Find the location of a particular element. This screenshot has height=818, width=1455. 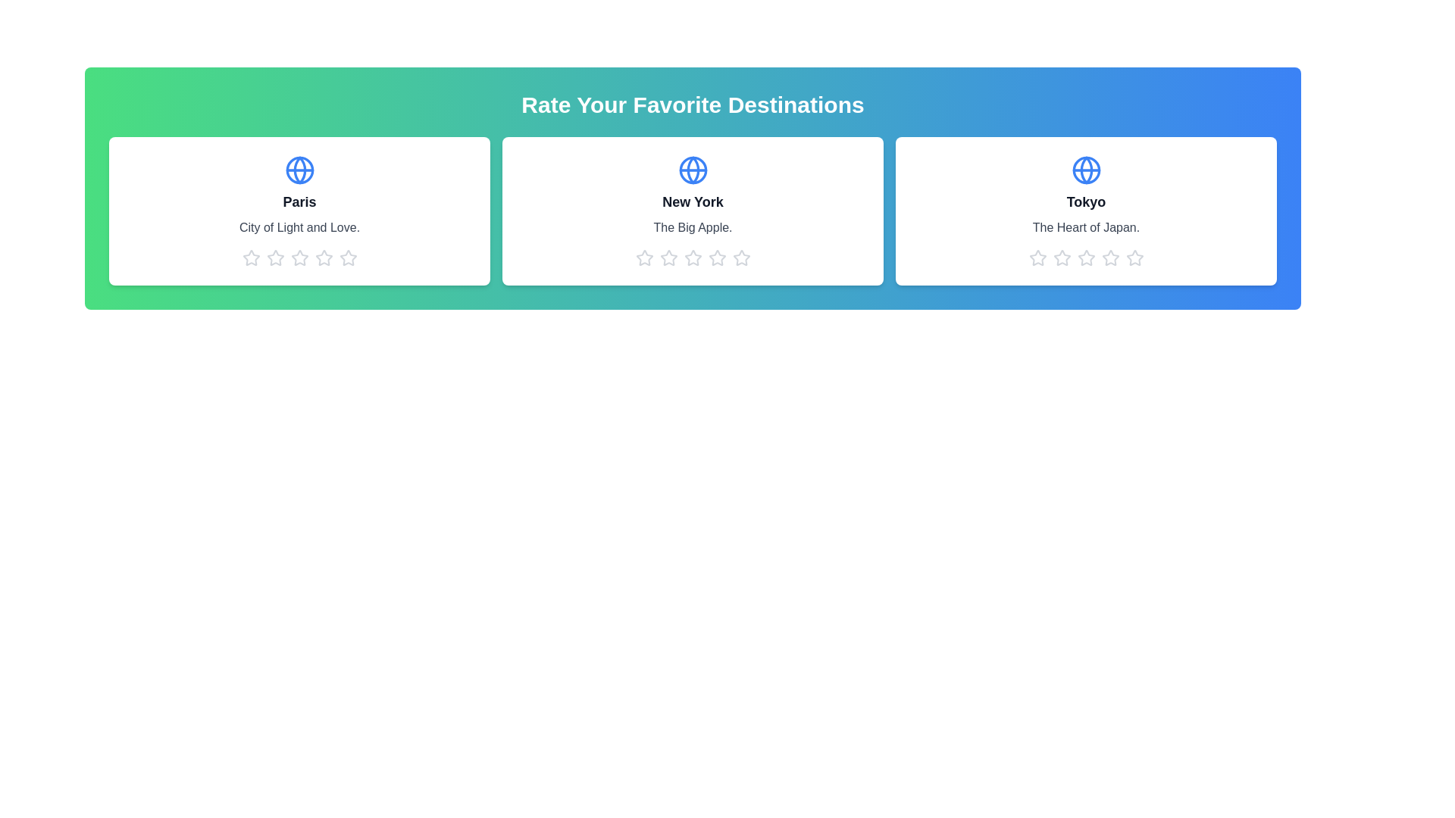

the 2 star icon for the destination Tokyo is located at coordinates (1061, 257).